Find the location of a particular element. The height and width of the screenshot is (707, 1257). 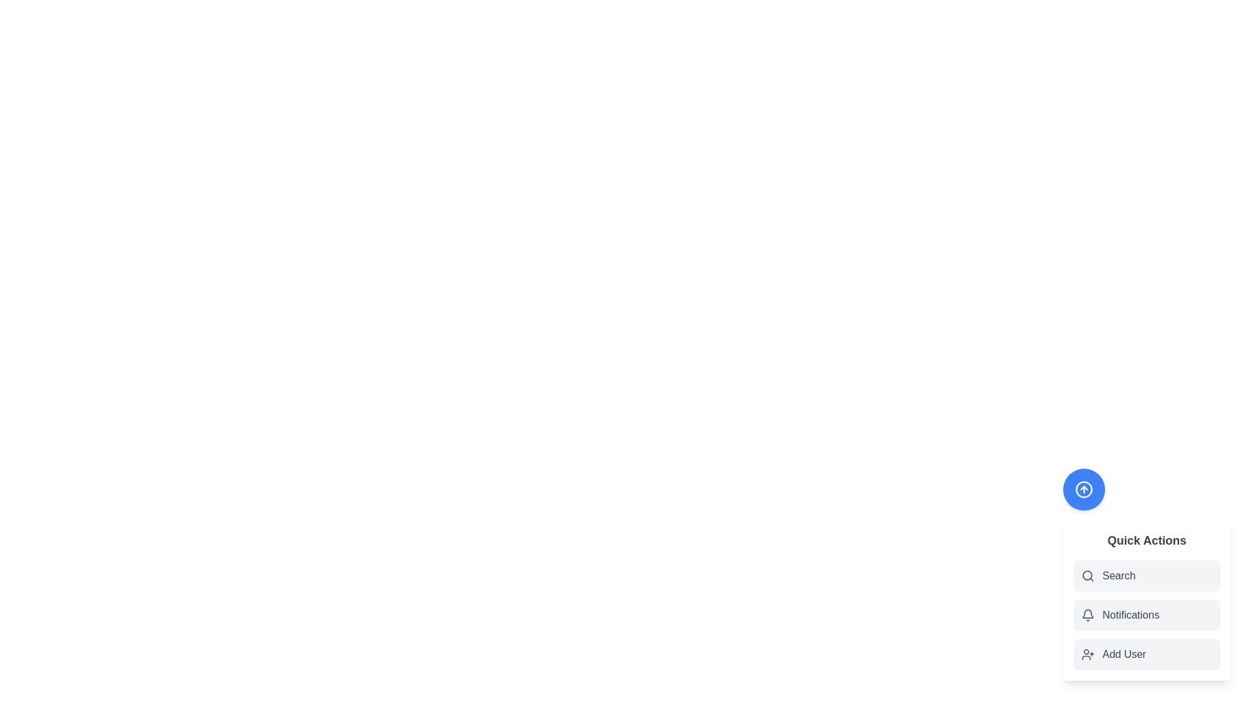

the Text Label that indicates the action related to notifications, positioned to the right of a bell icon within the 'Quick Actions' card is located at coordinates (1130, 615).